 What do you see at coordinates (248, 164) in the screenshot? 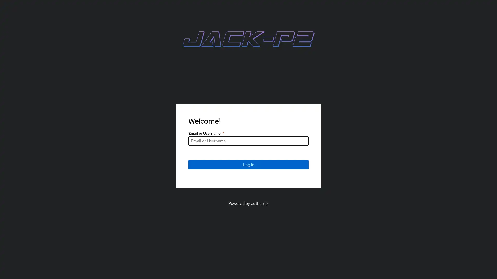
I see `Log in` at bounding box center [248, 164].